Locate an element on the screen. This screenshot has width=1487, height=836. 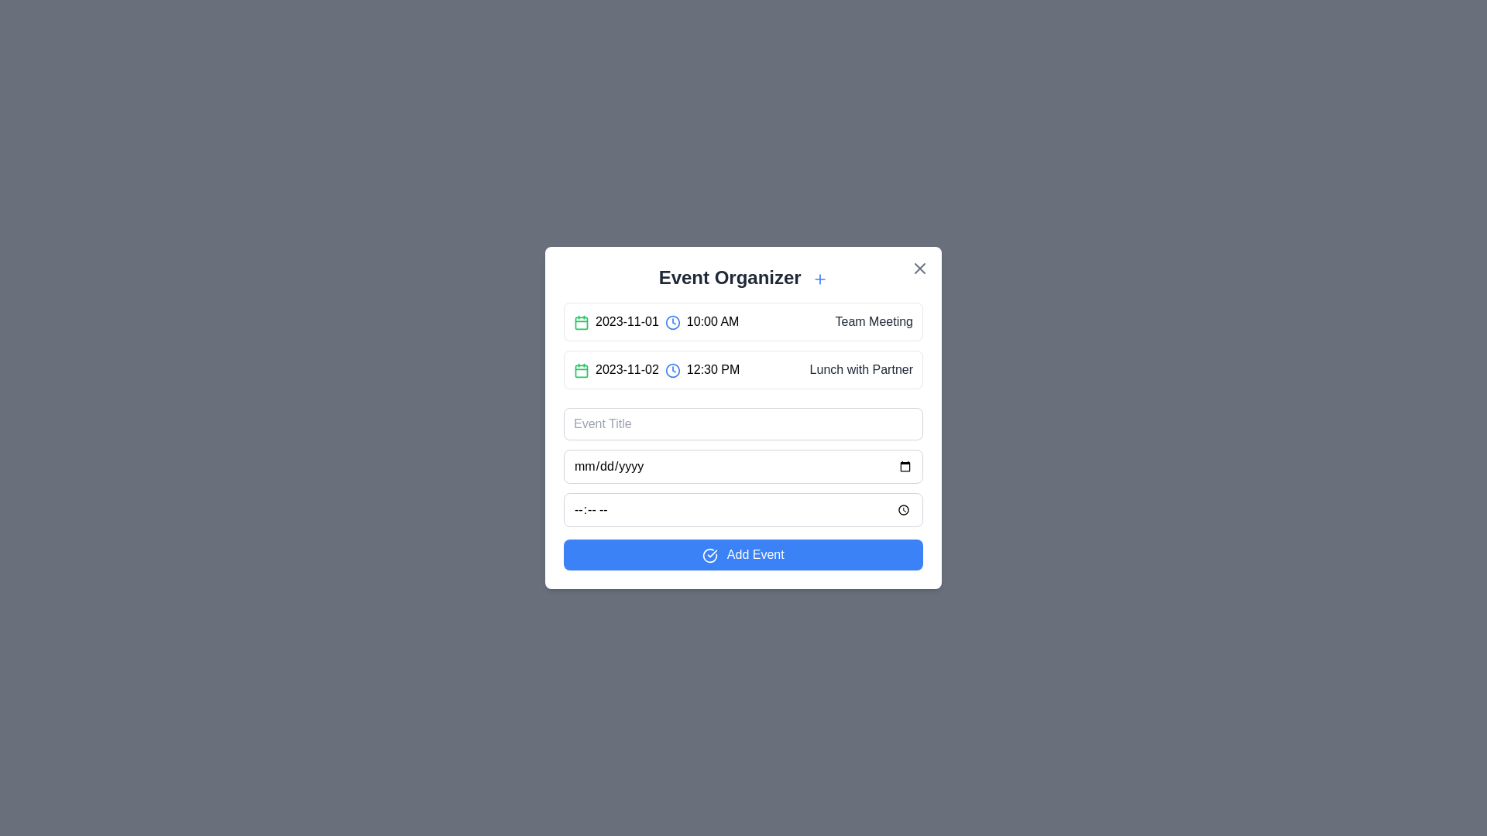
the static text label displaying the title of the event scheduled in the 'Event Organizer' dialog box, located in the second row of events is located at coordinates (860, 370).